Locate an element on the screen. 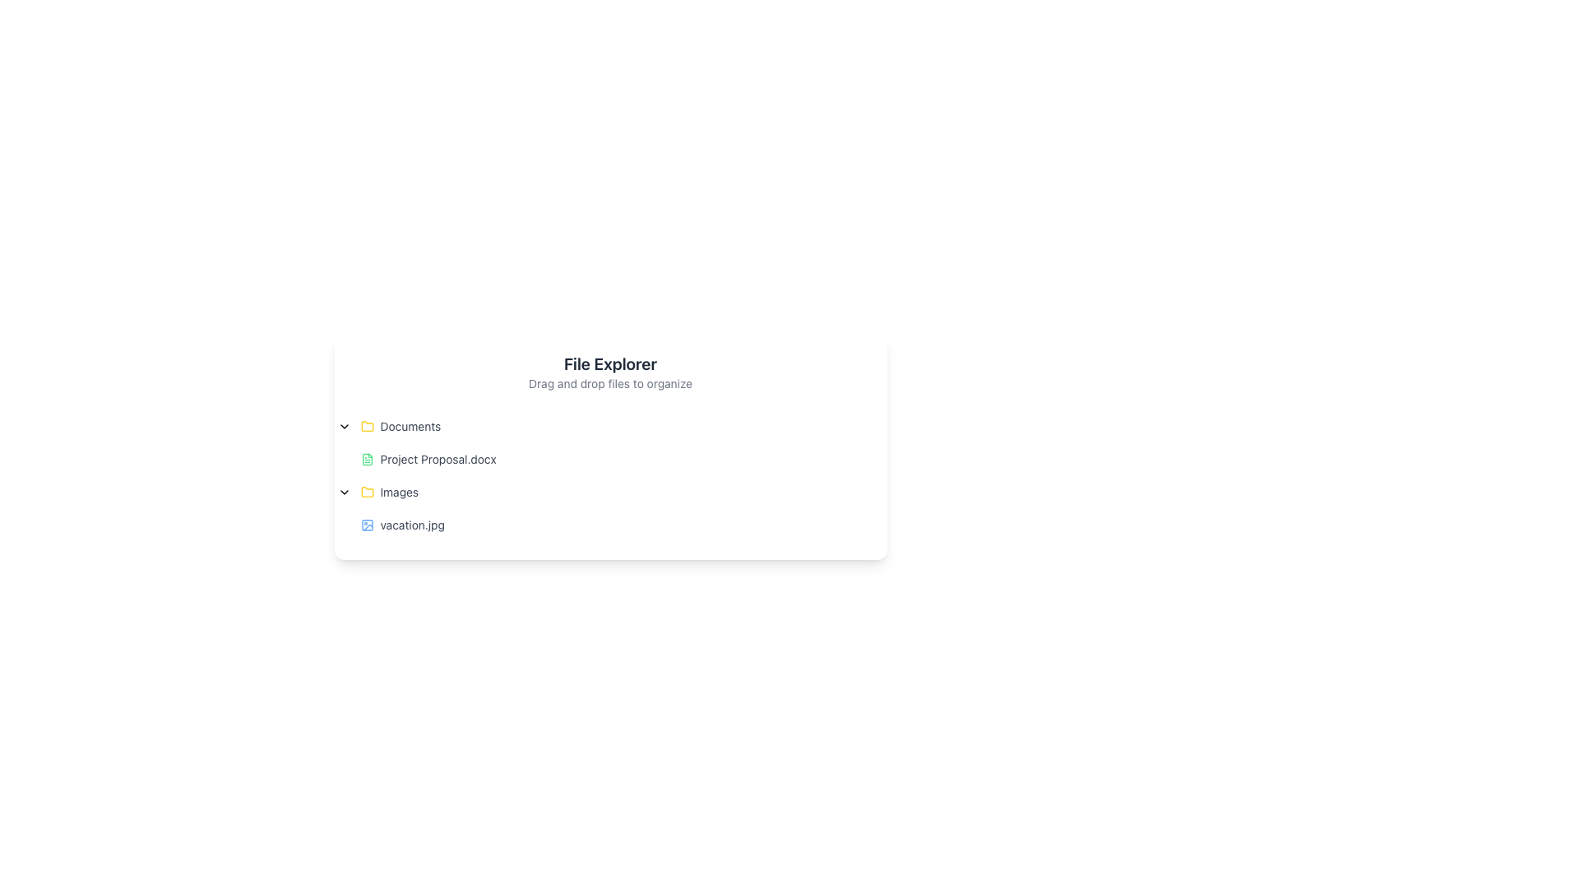 The image size is (1579, 888). the green file document icon representing 'Project Proposal.docx' in the File Explorer interface is located at coordinates (366, 460).